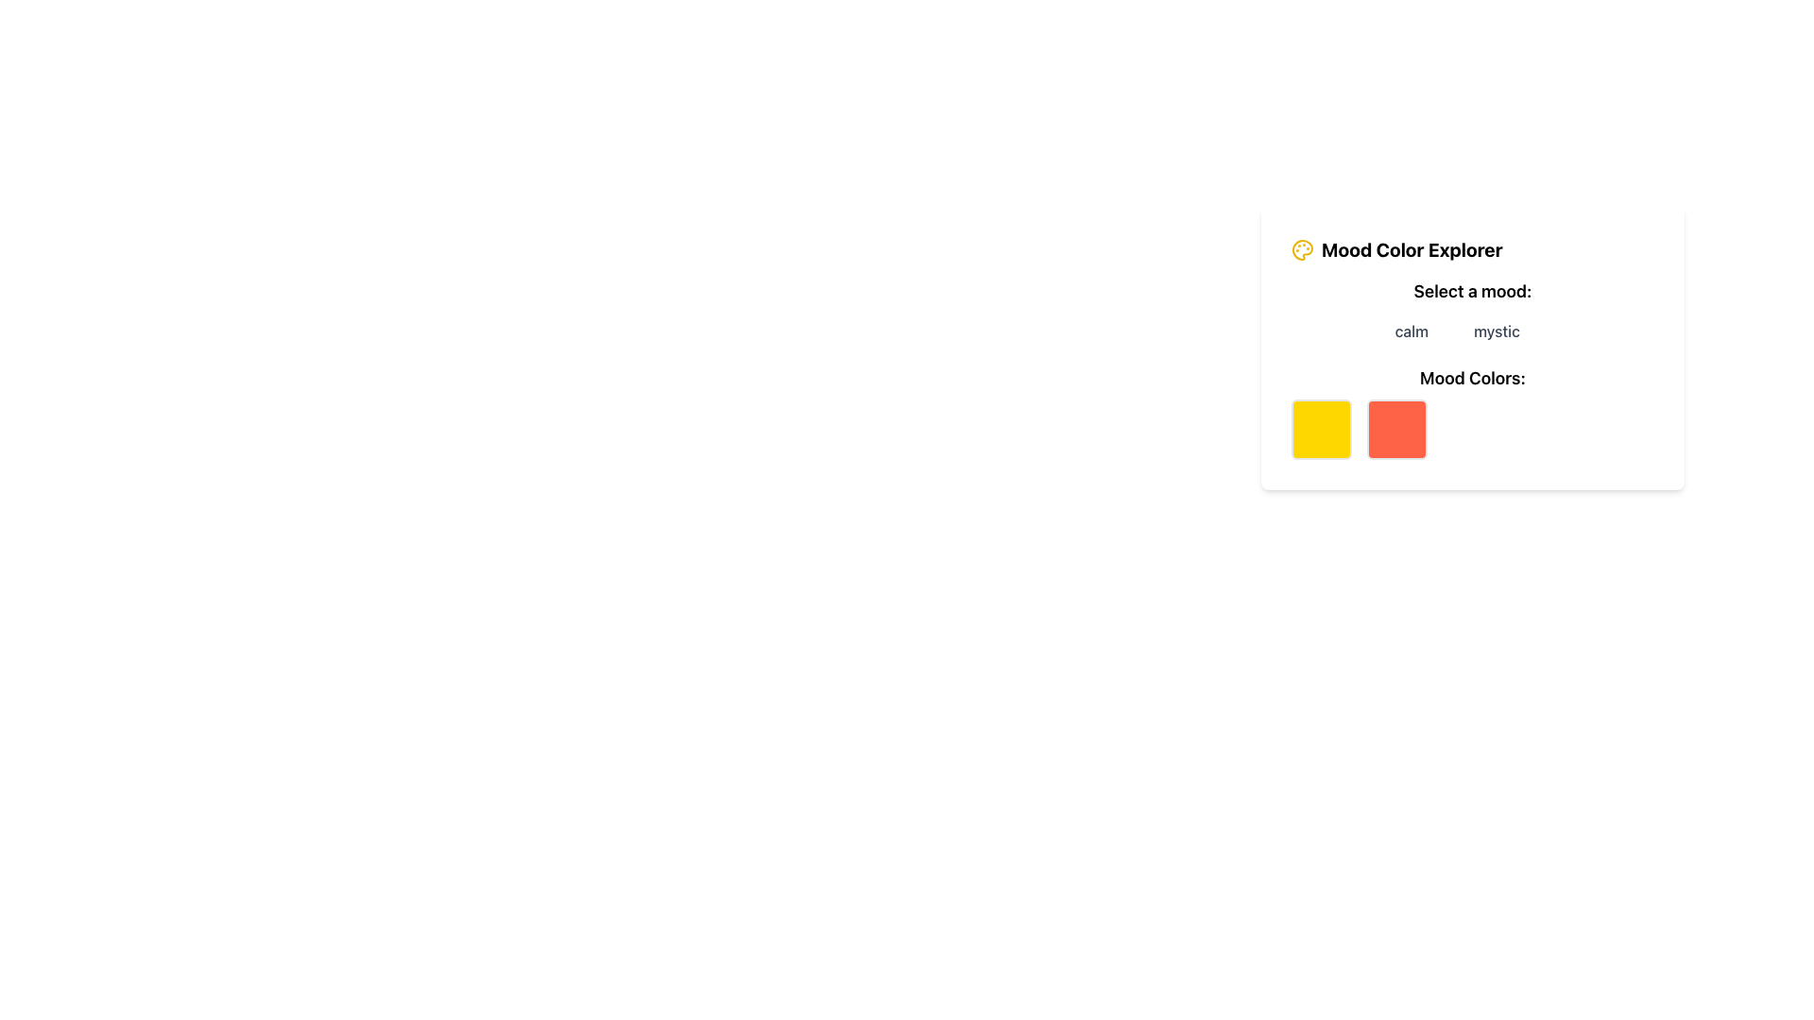 This screenshot has height=1020, width=1814. I want to click on the text label that serves as the title for the section, indicating the purpose or theme of the content below it, which is horizontally aligned to the right of a palette icon in the top part of a card-like component, so click(1412, 249).